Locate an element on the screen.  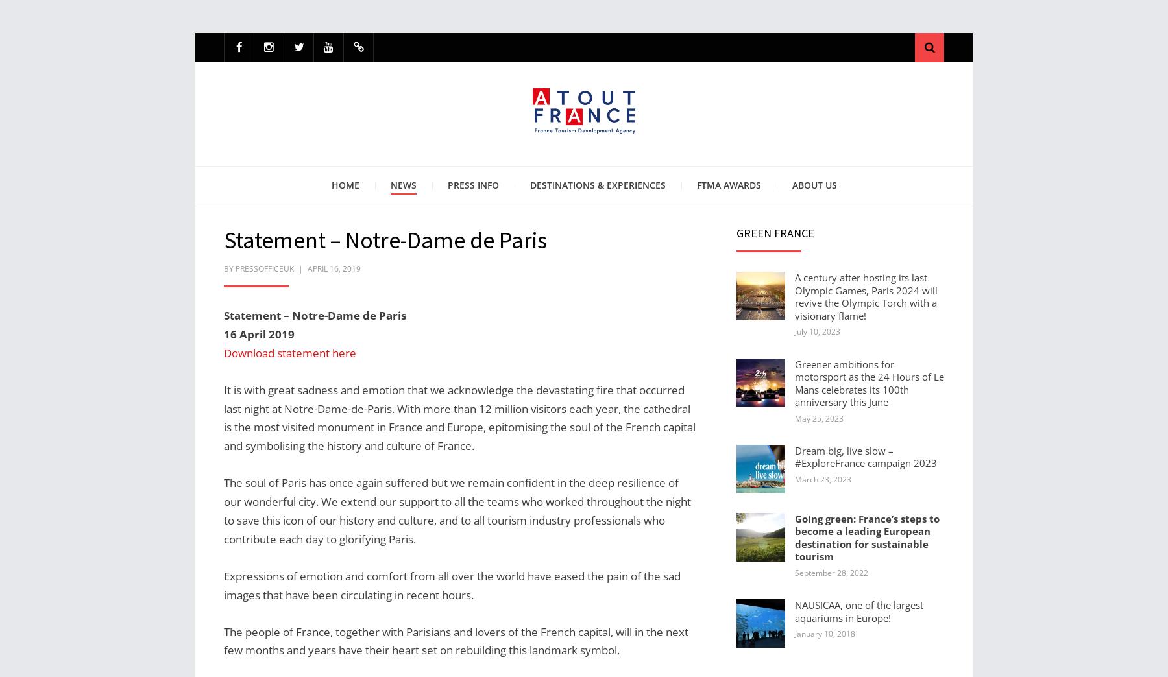
'News' is located at coordinates (403, 184).